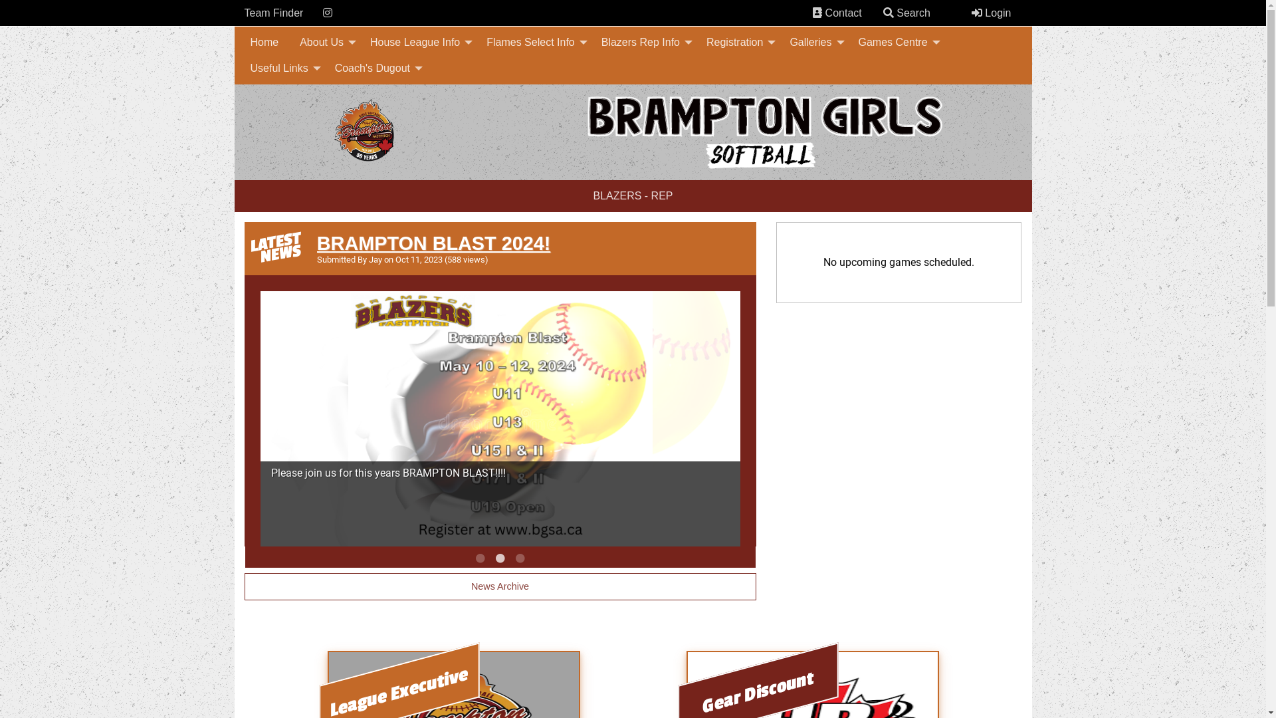 The image size is (1276, 718). Describe the element at coordinates (631, 195) in the screenshot. I see `'BLAZERS - REP'` at that location.